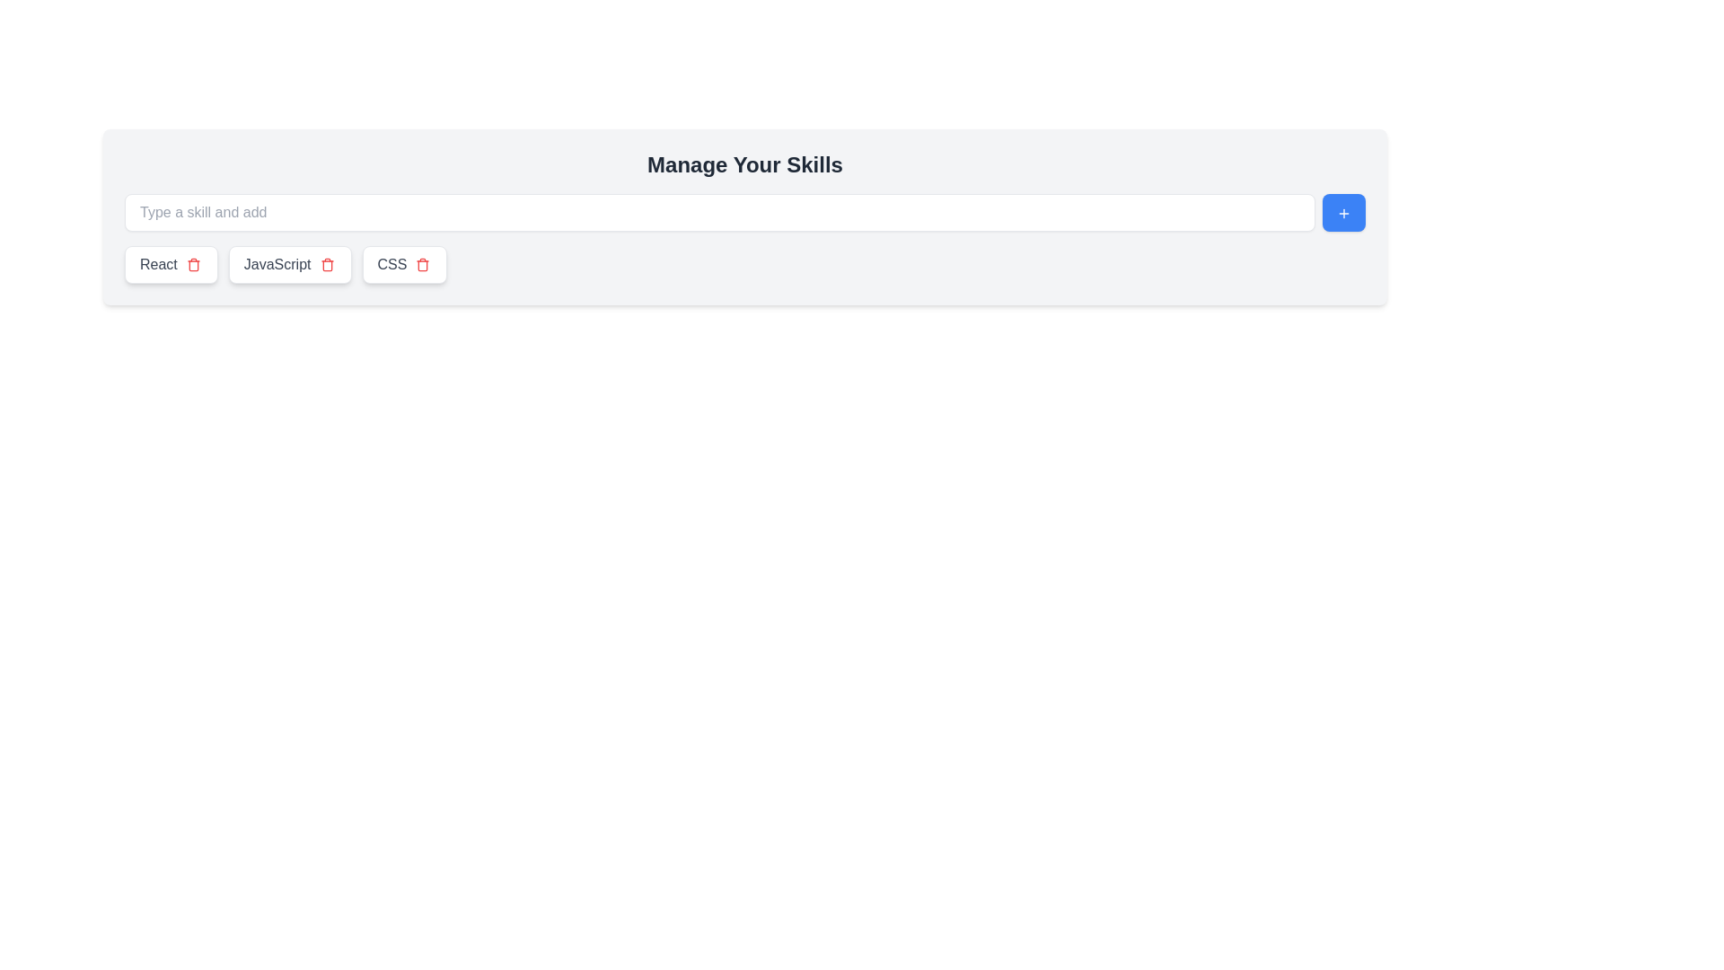  I want to click on the input field and type the desired value, so click(719, 211).